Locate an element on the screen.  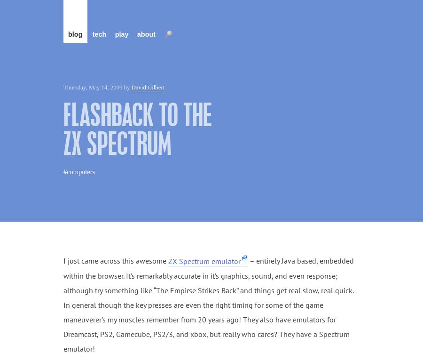
'Thursday, May 14, 2009	by' is located at coordinates (97, 88).